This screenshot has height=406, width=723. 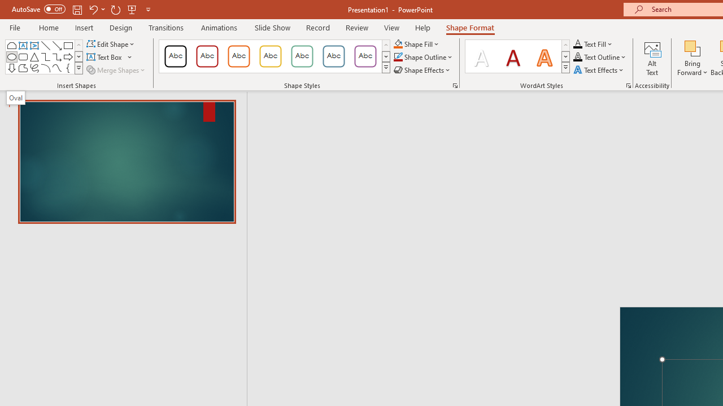 I want to click on 'Shape Fill Orange, Accent 2', so click(x=398, y=43).